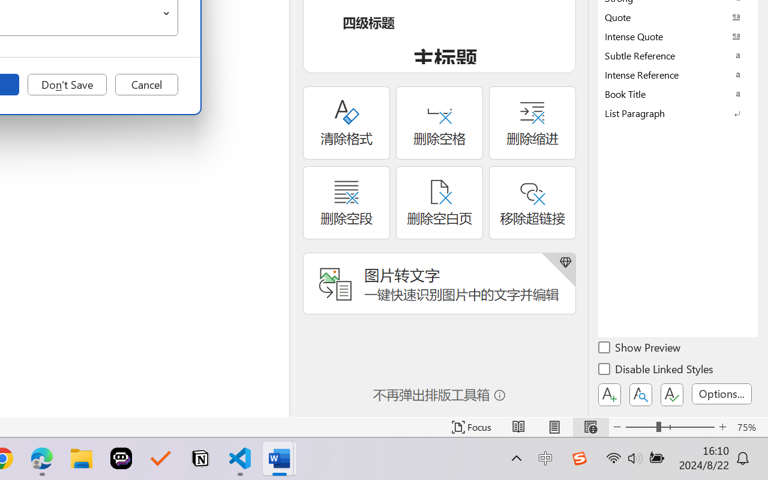  I want to click on 'Zoom In', so click(722, 427).